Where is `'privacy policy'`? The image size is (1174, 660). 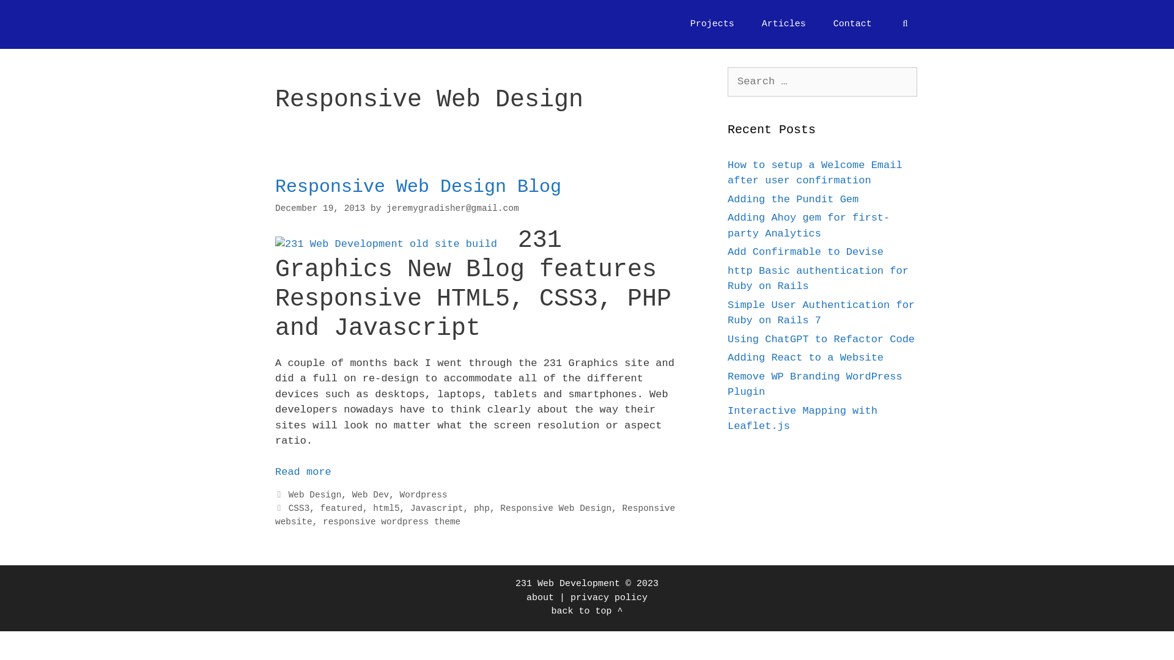 'privacy policy' is located at coordinates (569, 597).